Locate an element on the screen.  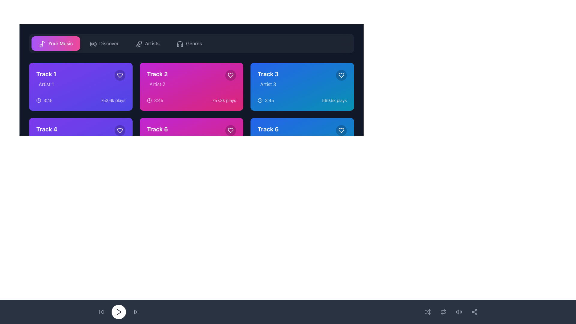
the headphones icon located in the navigation bar, positioned between the 'Artists' button and the 'Genres' label is located at coordinates (180, 43).